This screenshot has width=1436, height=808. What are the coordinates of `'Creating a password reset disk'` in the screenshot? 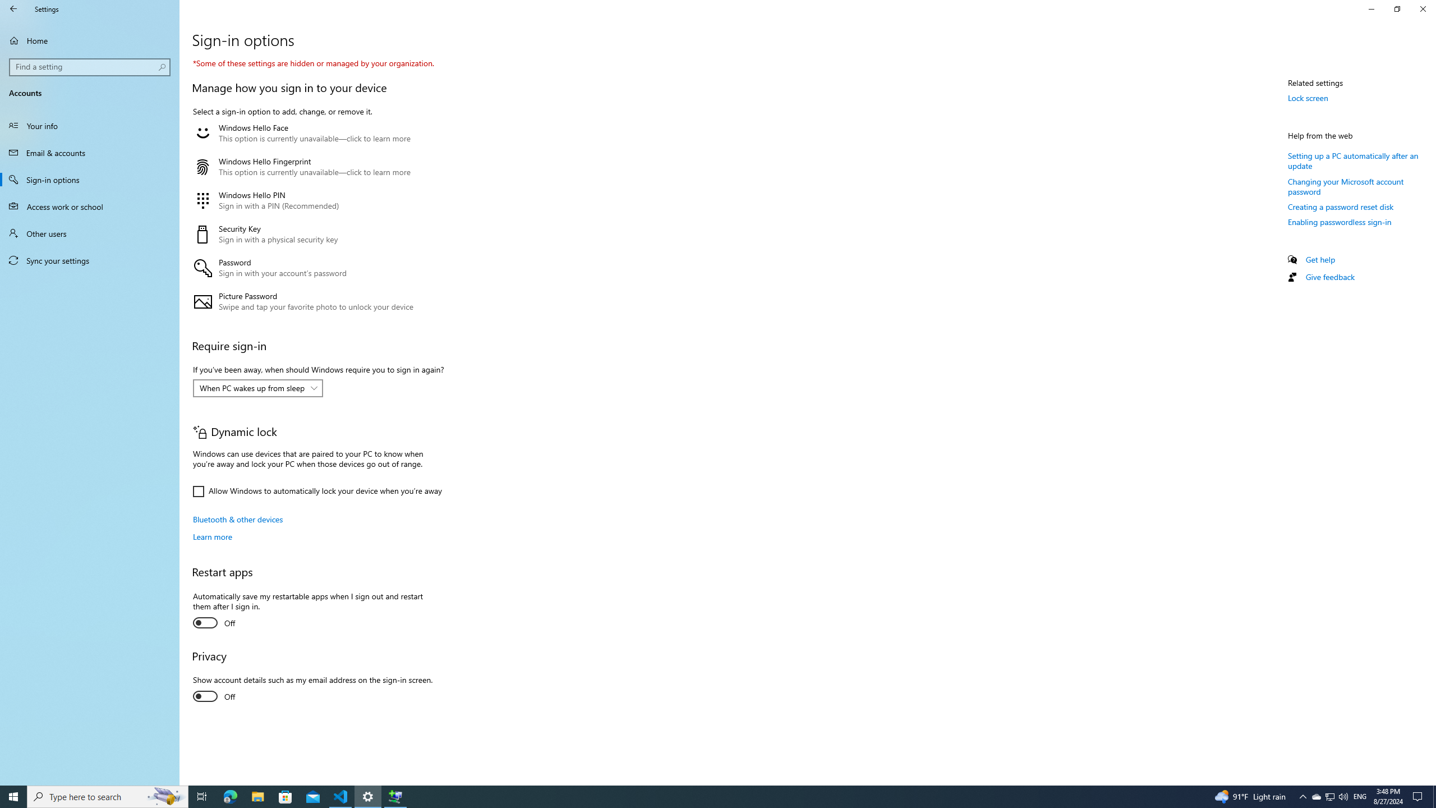 It's located at (1341, 206).